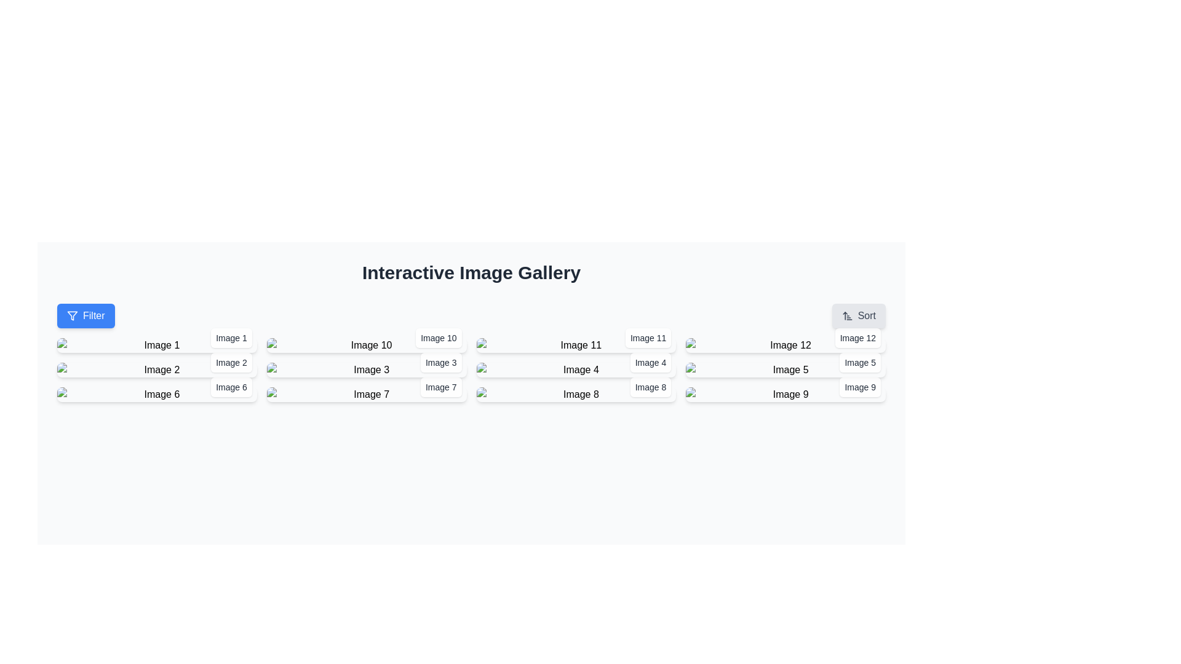  I want to click on the text label displaying 'Image 3', which is styled with a white background and rounded corners, located in the bottom-right corner of the image gallery associated with 'Image 3', so click(441, 362).